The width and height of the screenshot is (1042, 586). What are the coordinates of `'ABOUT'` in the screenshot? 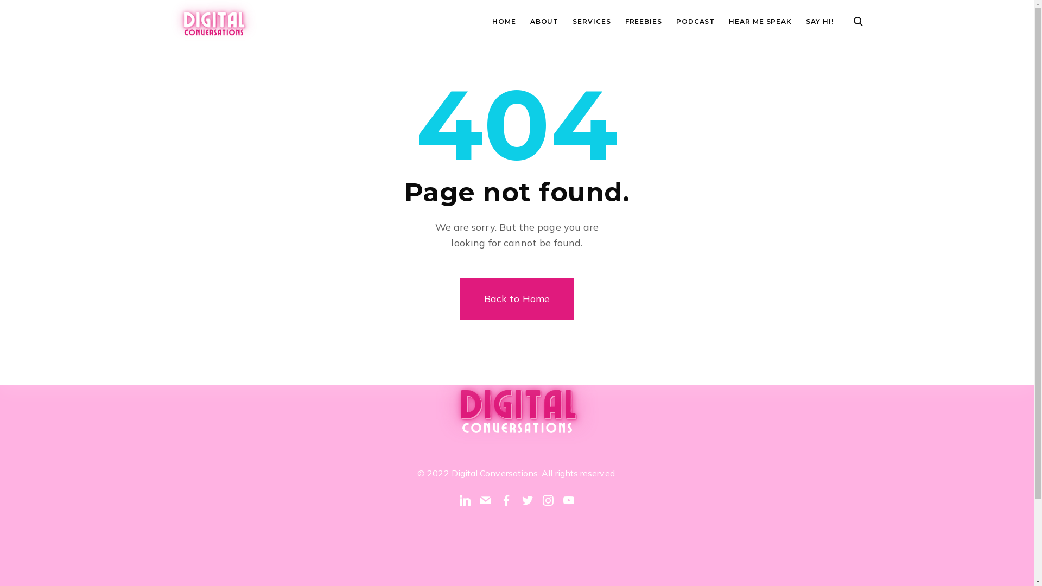 It's located at (544, 21).